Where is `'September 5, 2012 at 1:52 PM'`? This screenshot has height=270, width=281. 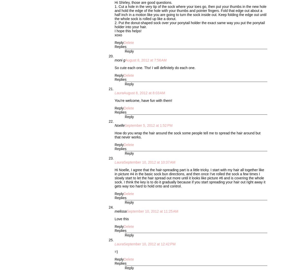
'September 5, 2012 at 1:52 PM' is located at coordinates (148, 125).